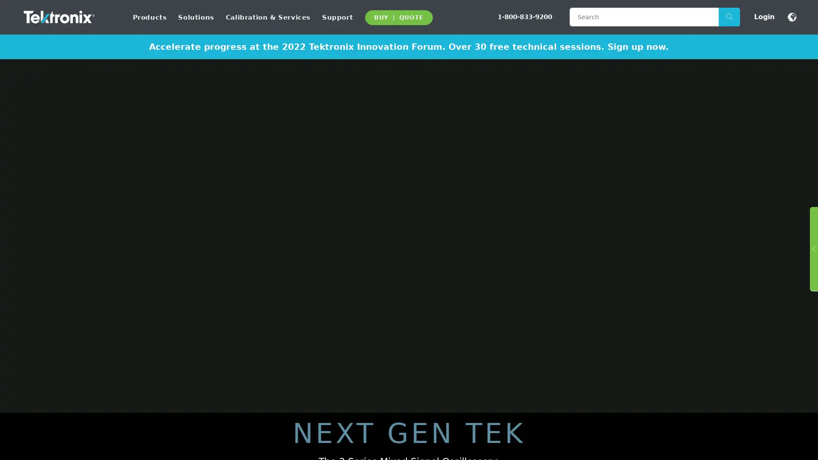 The width and height of the screenshot is (818, 460). I want to click on Accept Cookies, so click(688, 441).